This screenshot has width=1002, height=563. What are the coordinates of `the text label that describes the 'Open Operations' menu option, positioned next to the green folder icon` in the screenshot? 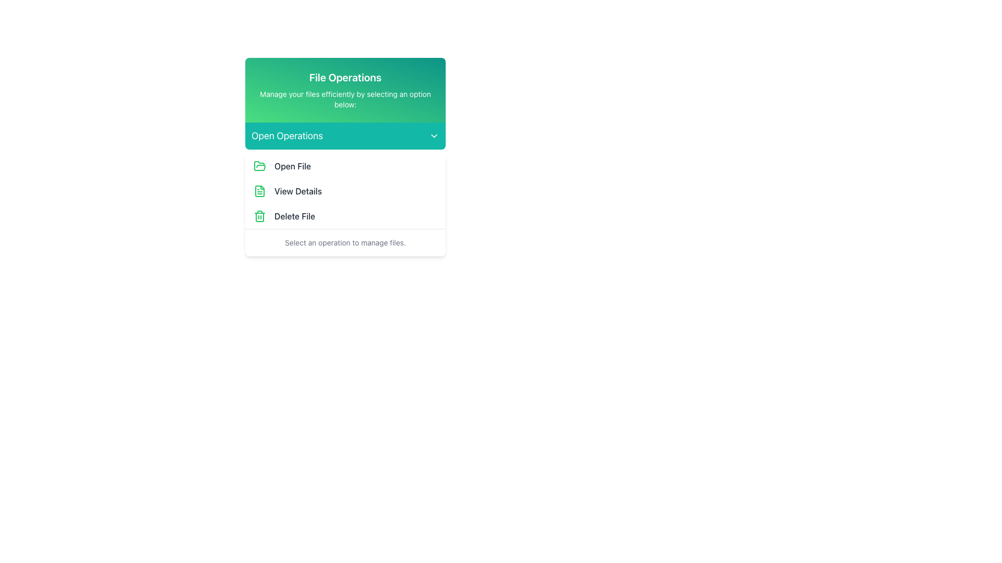 It's located at (292, 166).